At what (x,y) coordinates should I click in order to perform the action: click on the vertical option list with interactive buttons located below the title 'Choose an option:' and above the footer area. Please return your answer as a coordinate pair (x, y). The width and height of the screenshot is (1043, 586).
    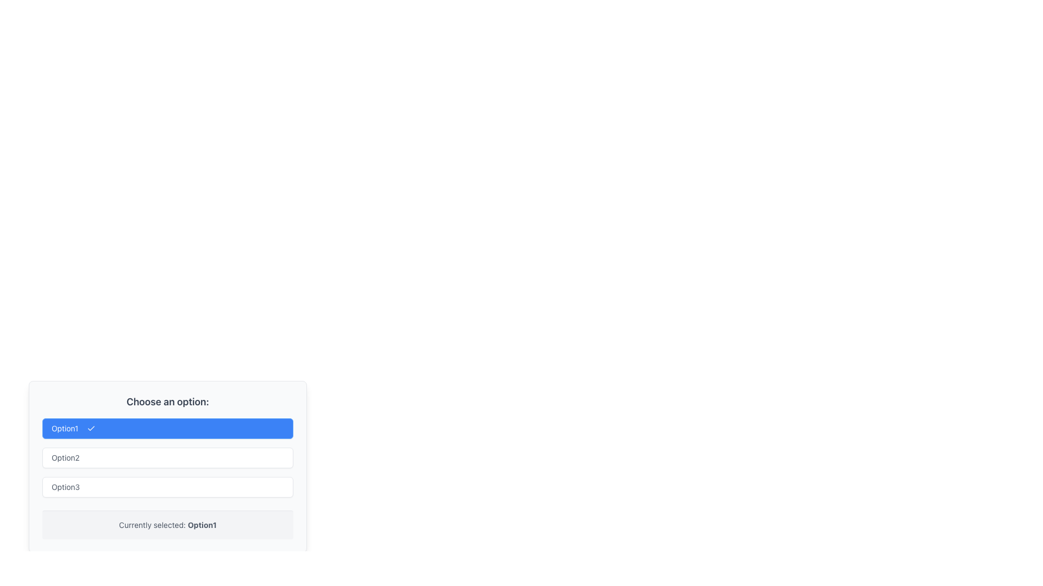
    Looking at the image, I should click on (167, 458).